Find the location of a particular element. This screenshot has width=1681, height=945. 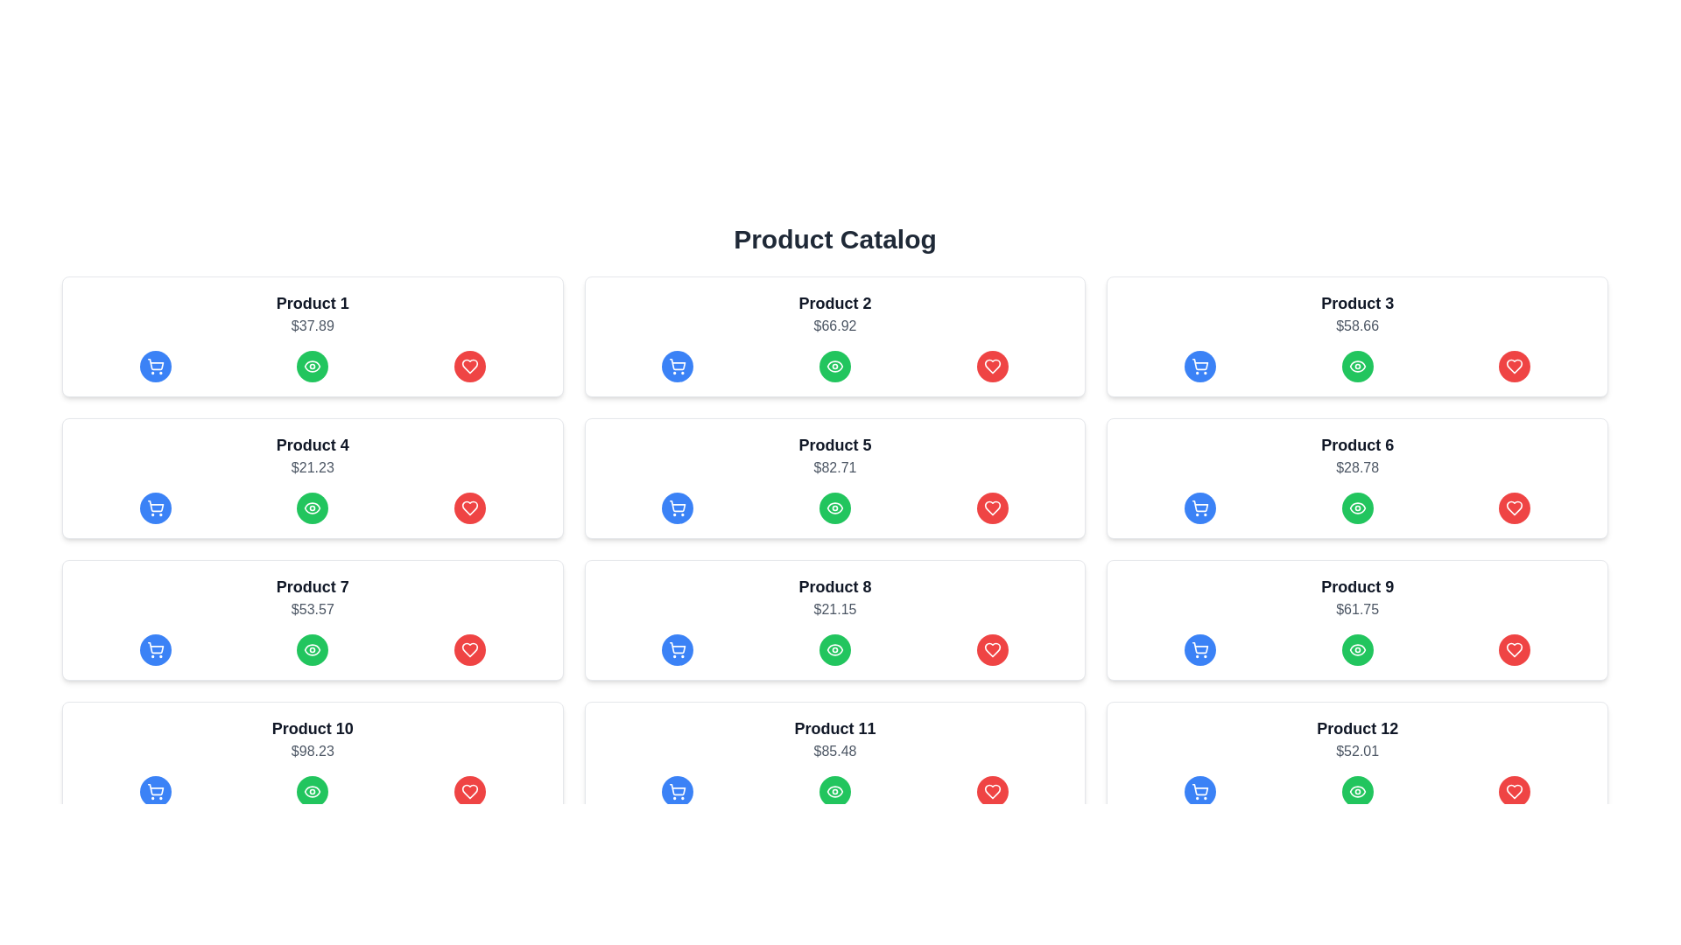

the Icon button located within the blue button on the left side of the action section for 'Product 5' is located at coordinates (677, 508).